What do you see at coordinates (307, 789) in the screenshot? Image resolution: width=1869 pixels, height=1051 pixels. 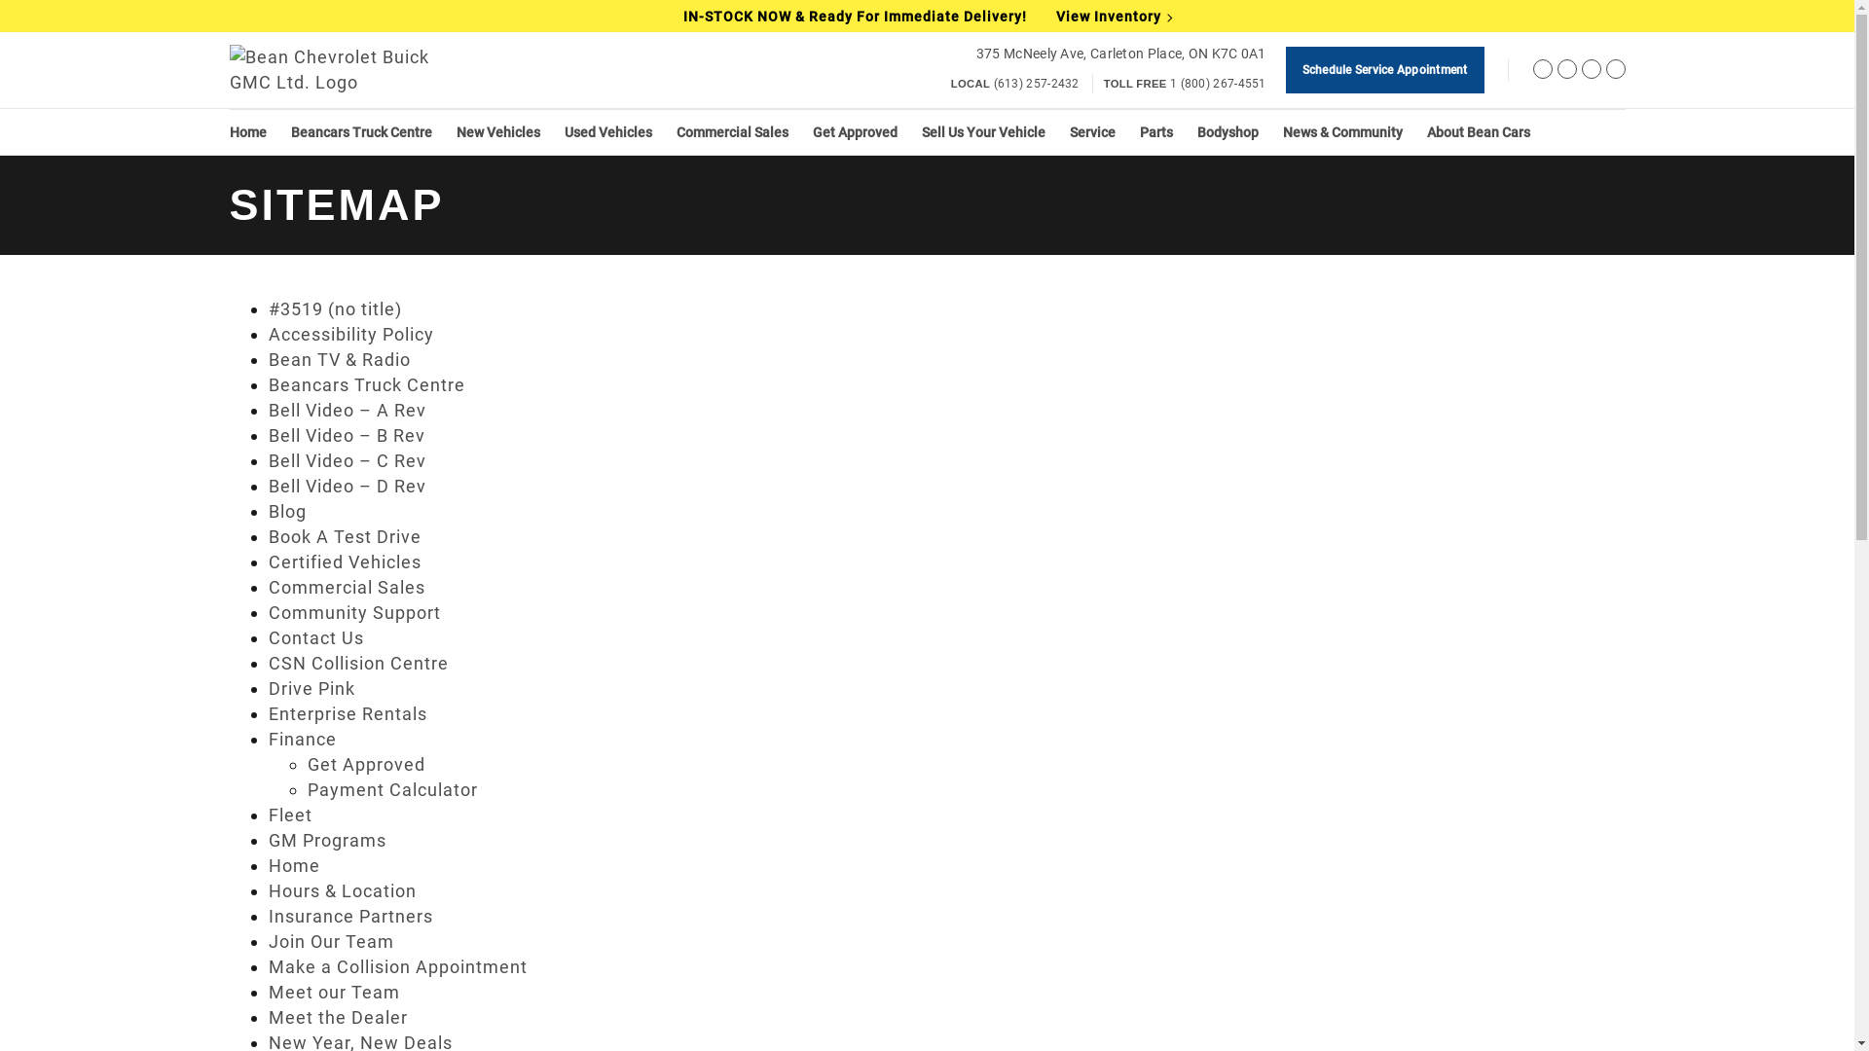 I see `'Payment Calculator'` at bounding box center [307, 789].